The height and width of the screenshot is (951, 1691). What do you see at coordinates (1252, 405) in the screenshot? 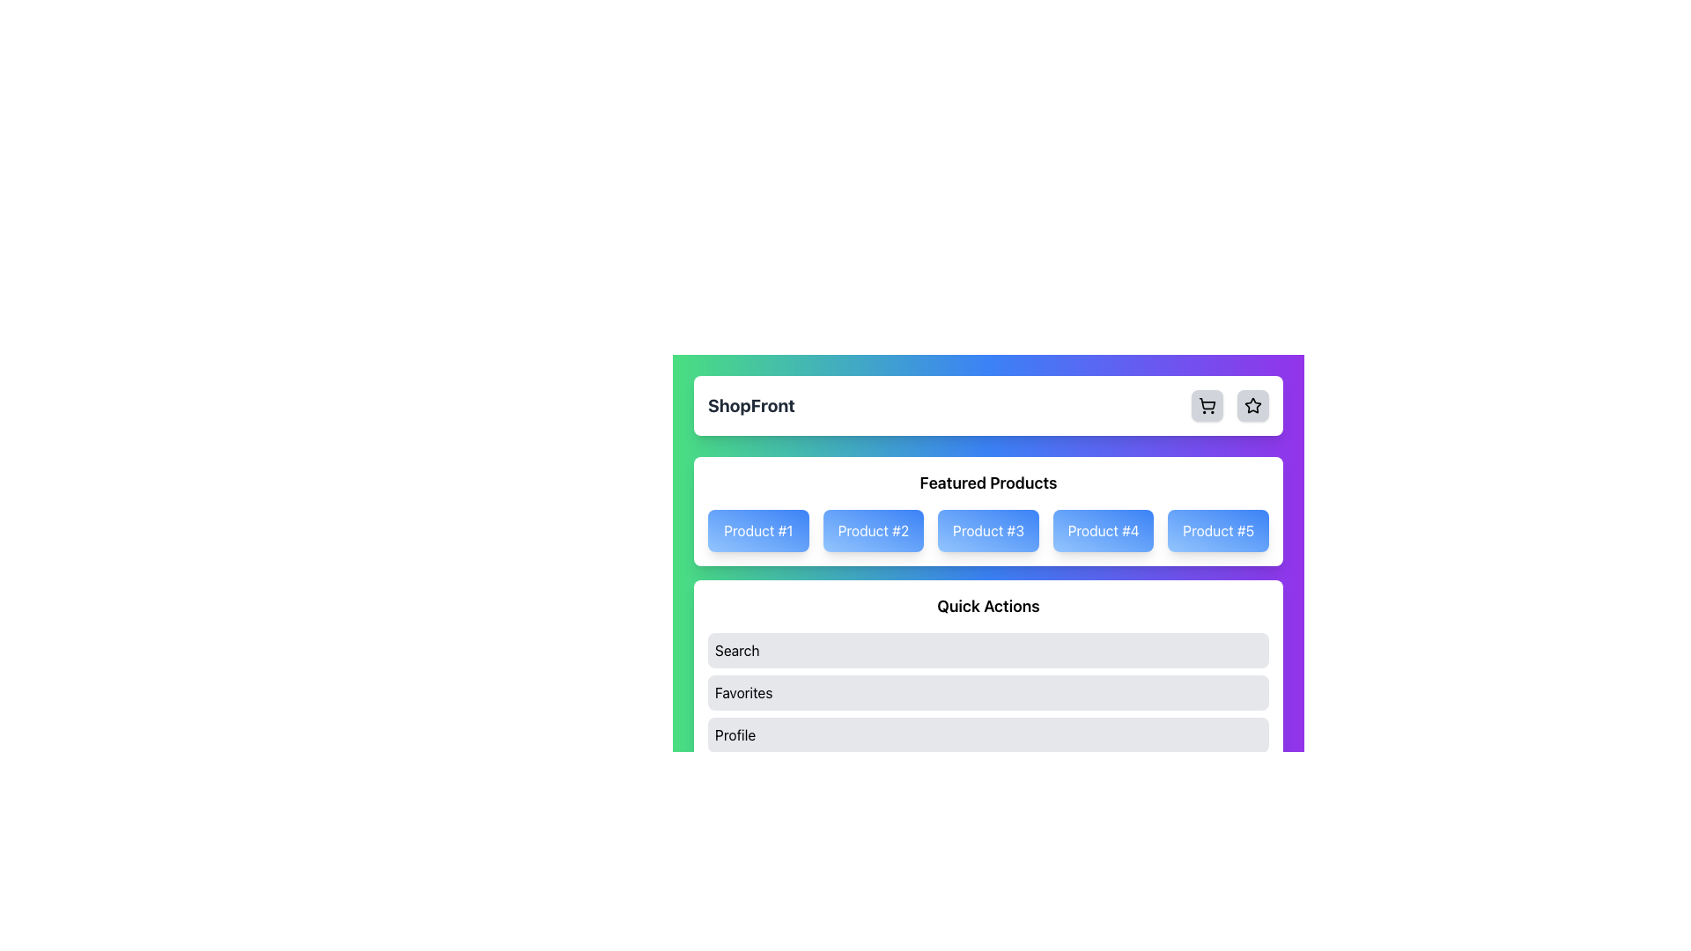
I see `the star-shaped icon located in the top-right corner of the interface, adjacent to the shopping cart icon, which serves as a marker for favoriting items` at bounding box center [1252, 405].